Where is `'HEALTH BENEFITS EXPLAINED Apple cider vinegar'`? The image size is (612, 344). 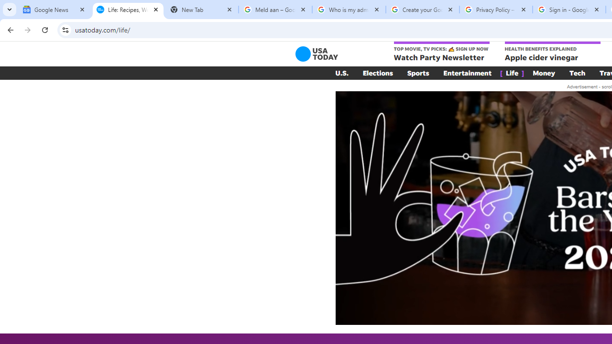 'HEALTH BENEFITS EXPLAINED Apple cider vinegar' is located at coordinates (552, 52).